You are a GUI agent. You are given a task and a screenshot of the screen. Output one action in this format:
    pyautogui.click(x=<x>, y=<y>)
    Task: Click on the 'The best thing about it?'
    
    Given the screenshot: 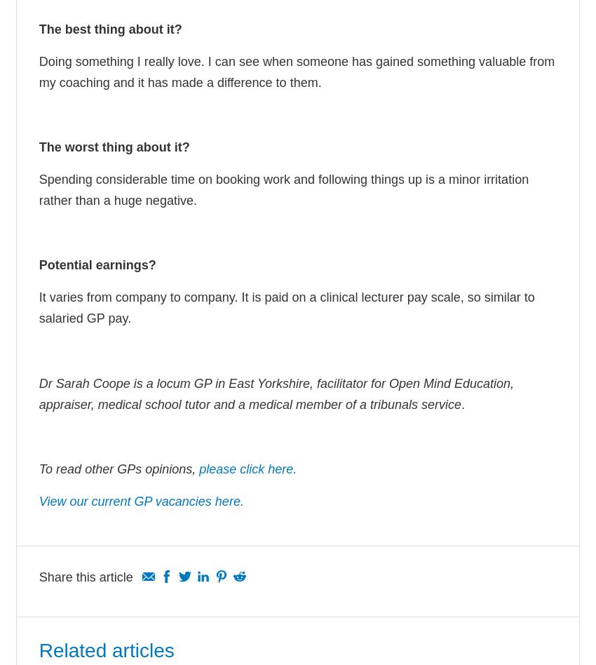 What is the action you would take?
    pyautogui.click(x=38, y=28)
    